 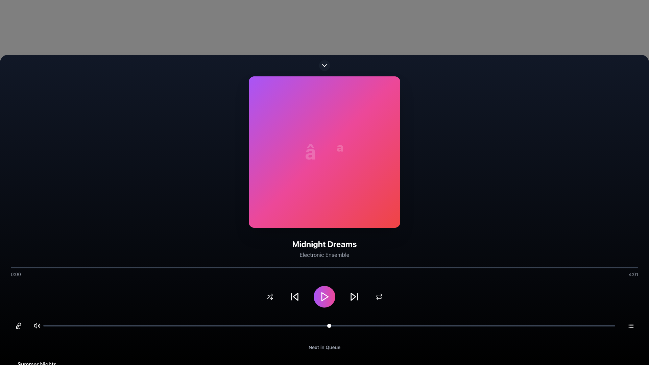 What do you see at coordinates (324, 296) in the screenshot?
I see `the central circular button with a gradient background transitioning from purple to pink, which contains a white play icon` at bounding box center [324, 296].